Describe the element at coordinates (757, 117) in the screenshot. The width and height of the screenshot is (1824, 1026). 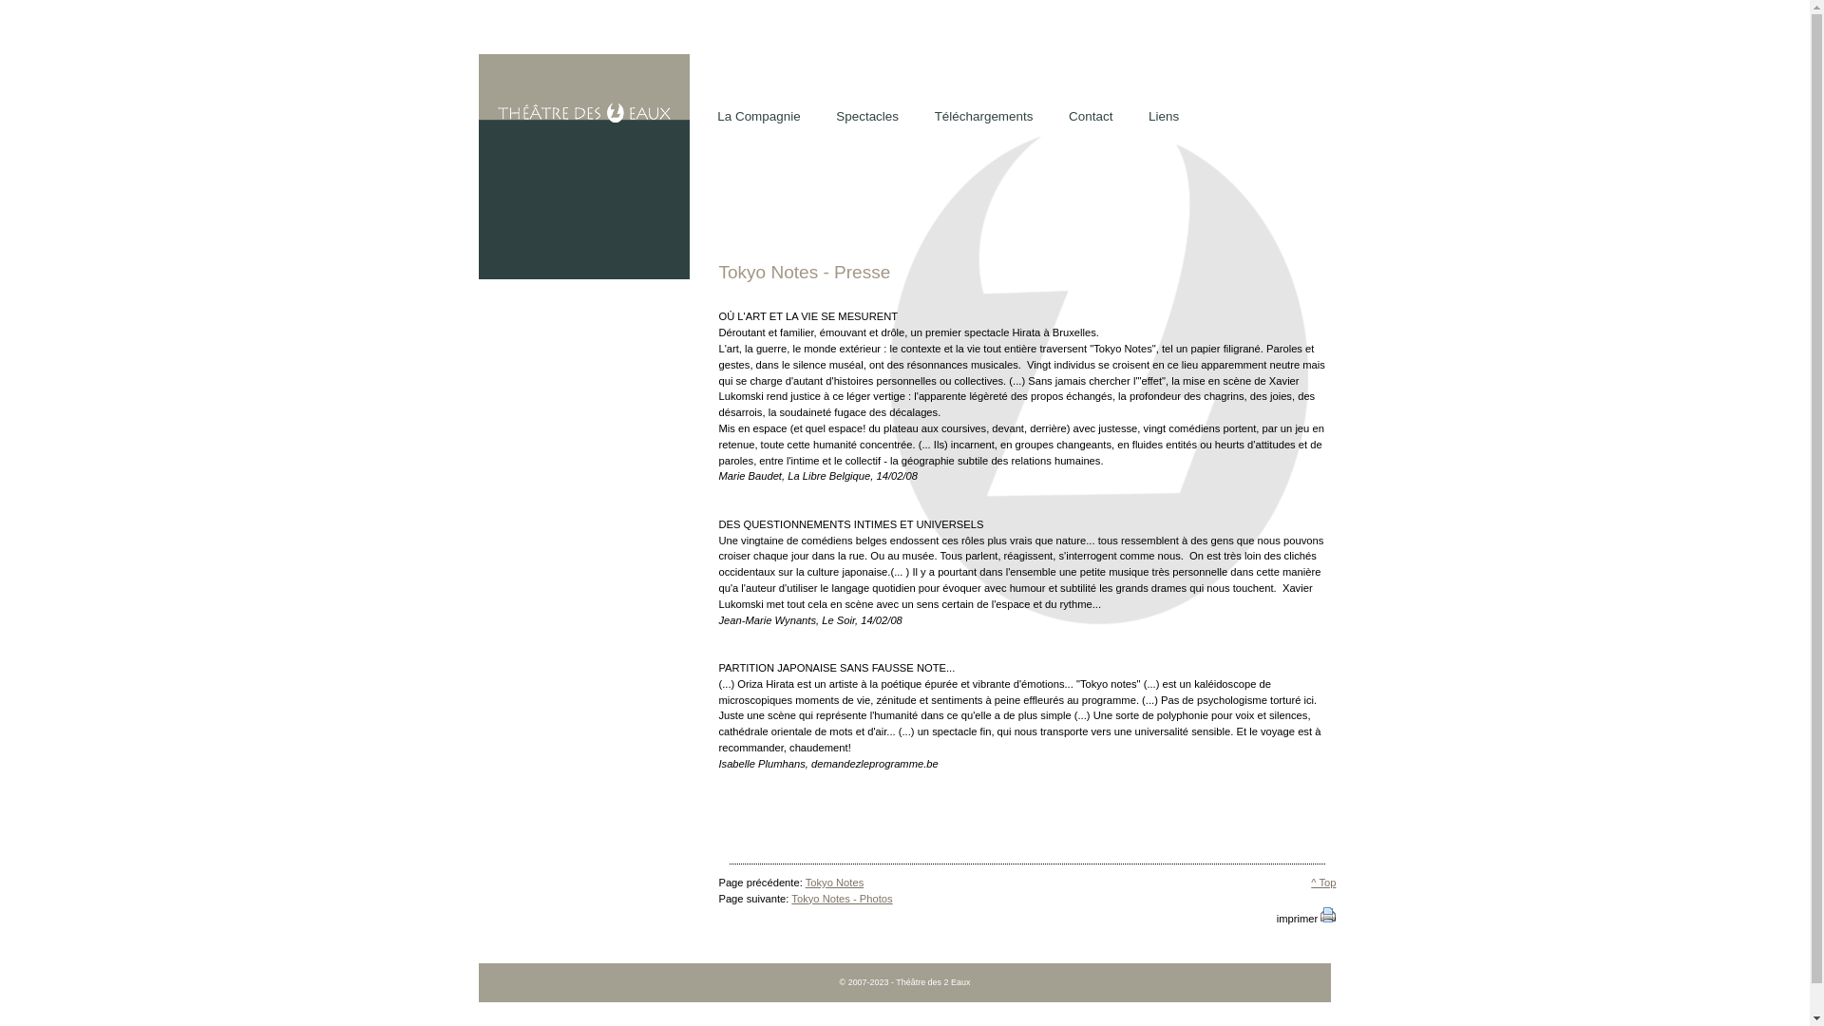
I see `'La Compagnie'` at that location.